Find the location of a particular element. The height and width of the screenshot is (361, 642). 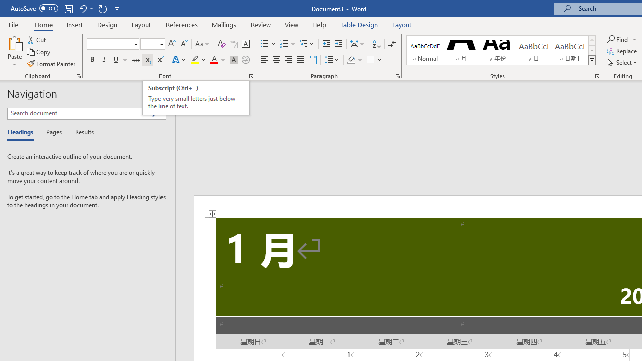

'Align Left' is located at coordinates (265, 60).